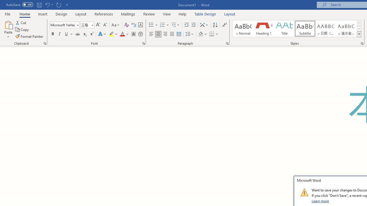  Describe the element at coordinates (171, 34) in the screenshot. I see `'Justify'` at that location.